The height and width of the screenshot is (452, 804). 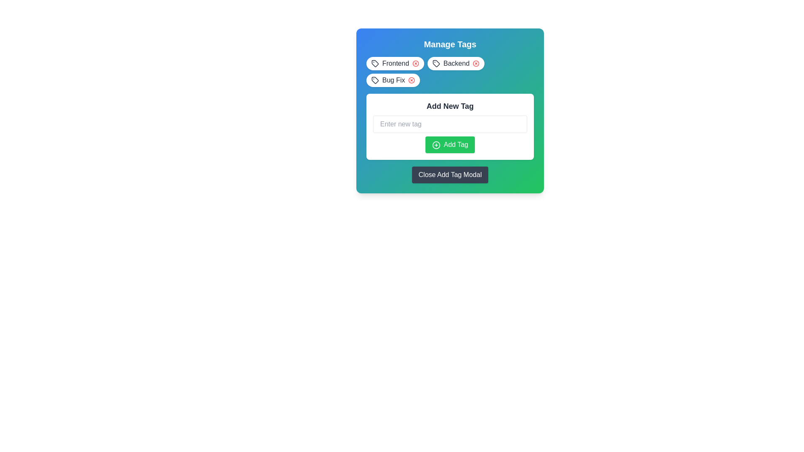 What do you see at coordinates (435, 63) in the screenshot?
I see `the tag-shaped vector graphic representing the 'Backend' label in the 'Manage Tags' modal, which is positioned near the top-middle area of the modal` at bounding box center [435, 63].